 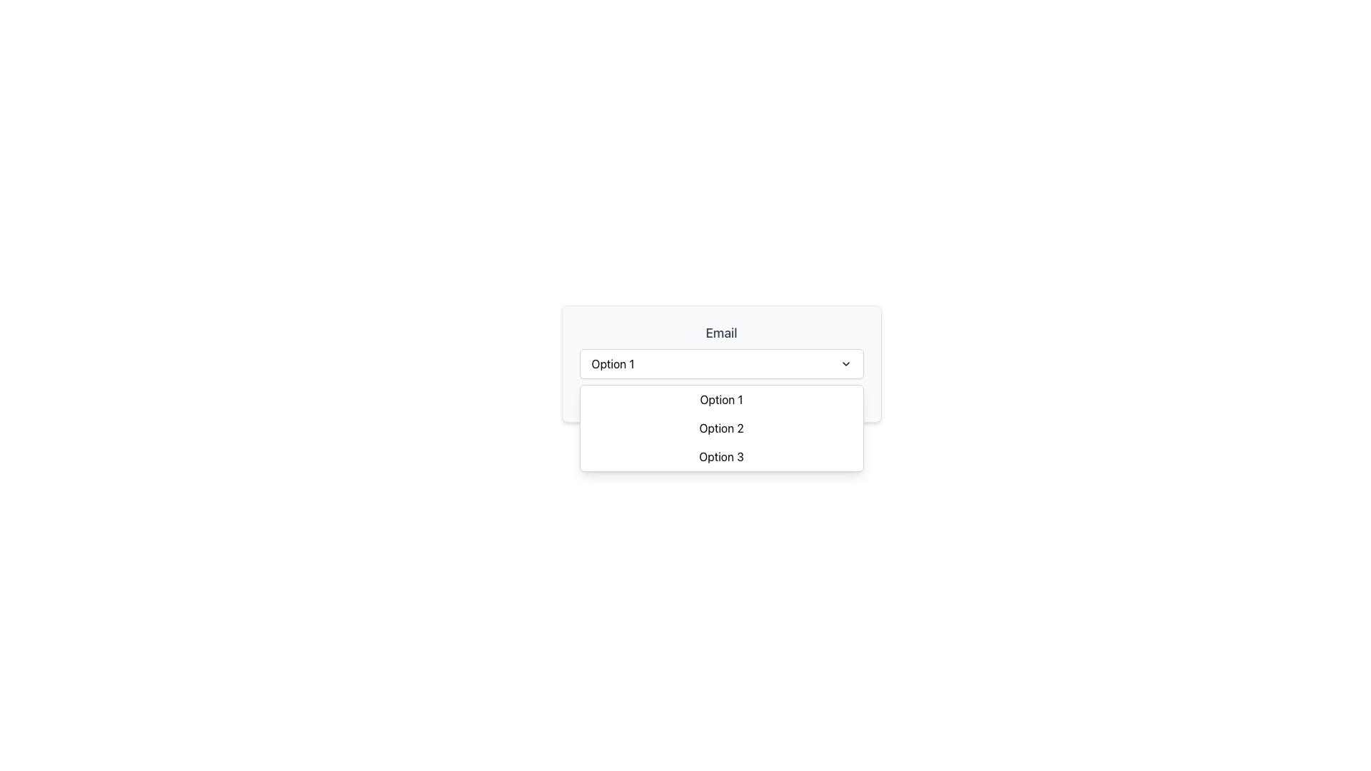 What do you see at coordinates (845, 363) in the screenshot?
I see `the downward-facing chevron icon located at the rightmost edge of the dropdown button labeled 'Option 1'` at bounding box center [845, 363].